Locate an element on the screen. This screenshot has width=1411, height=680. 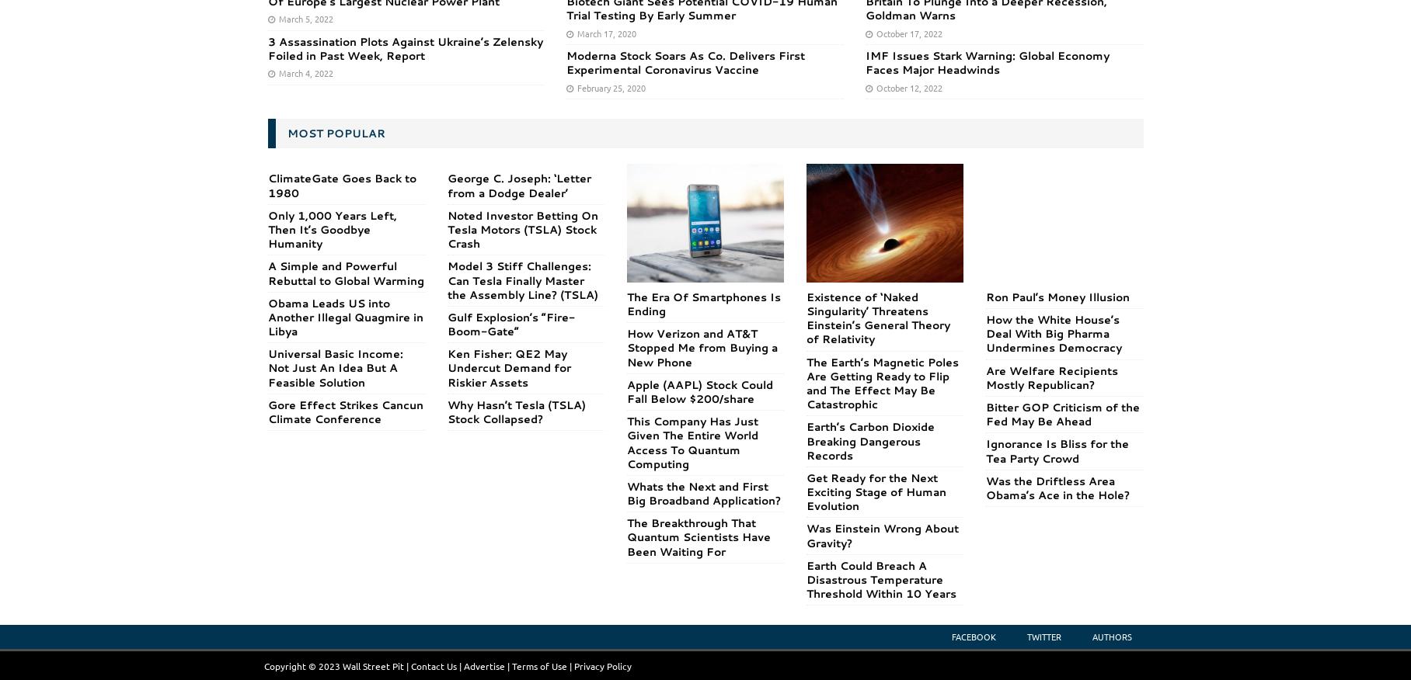
'Universal Basic Income: Not Just An Idea But A Feasible Solution' is located at coordinates (333, 367).